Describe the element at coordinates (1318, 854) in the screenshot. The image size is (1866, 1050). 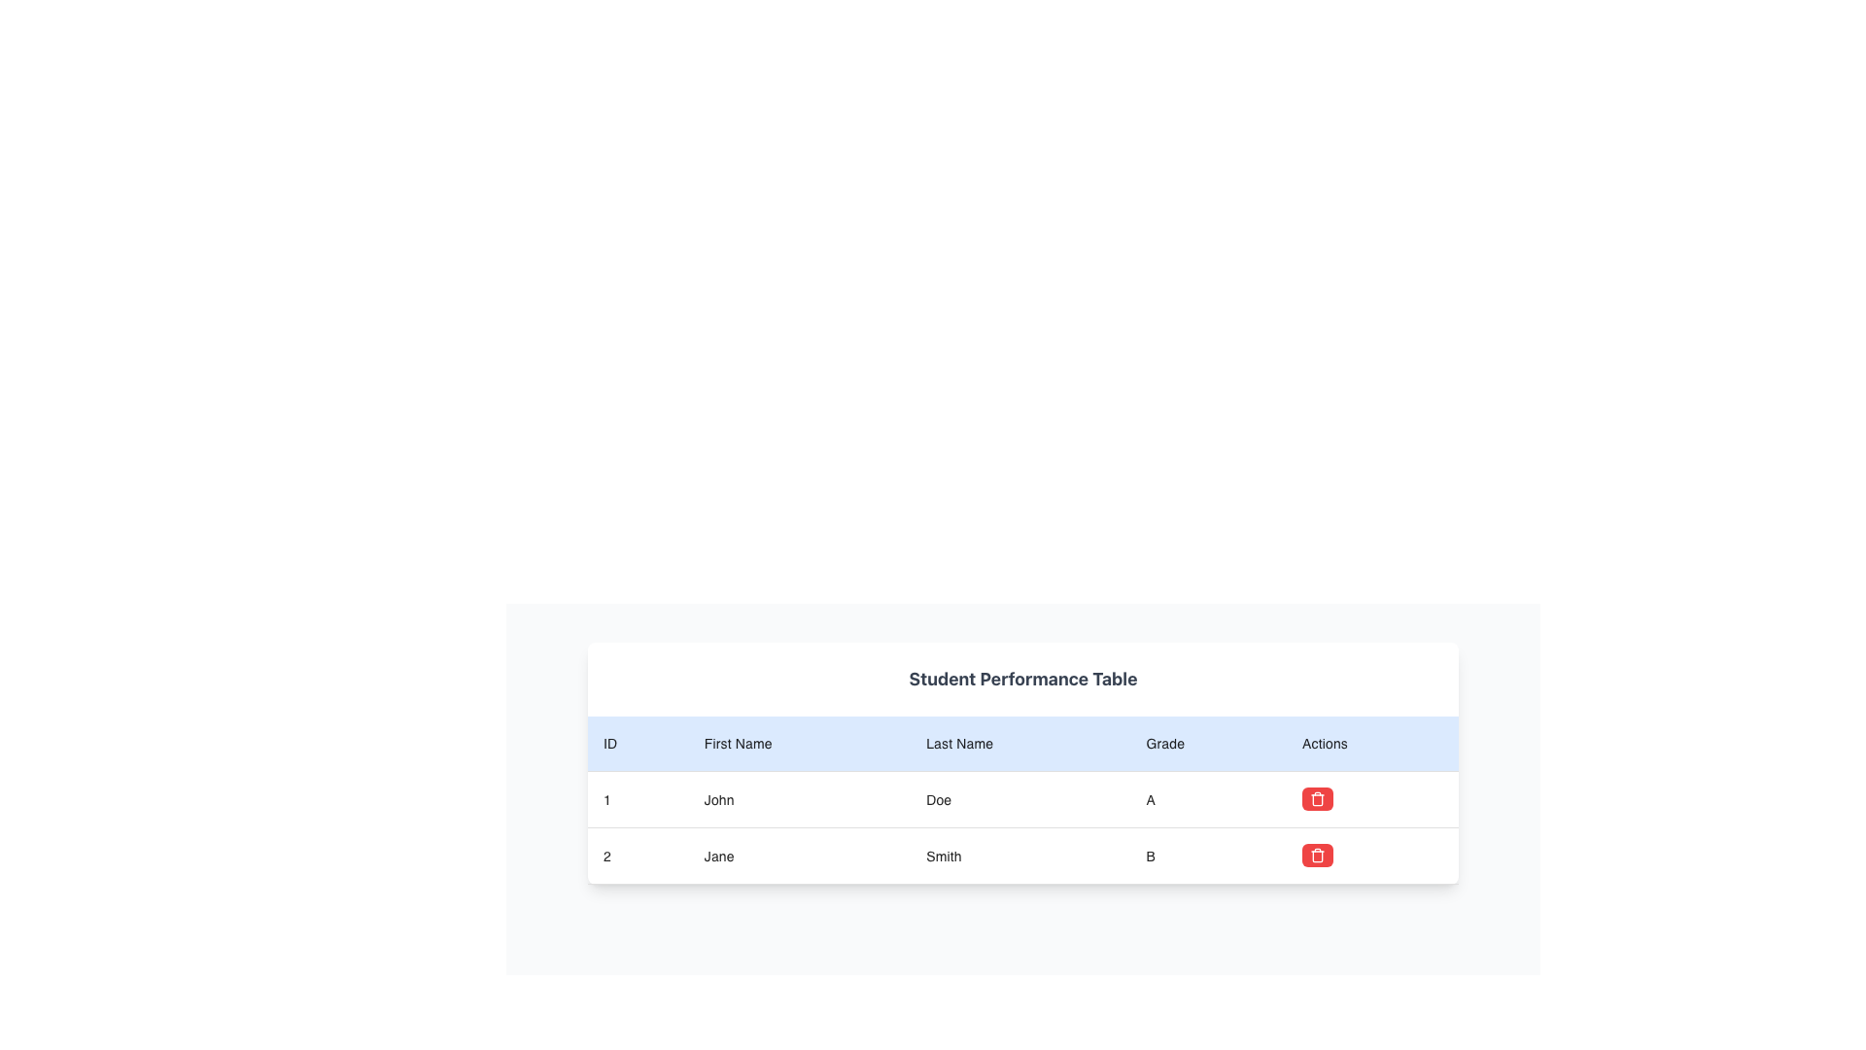
I see `the red button with a white trash can icon located in the 'Actions' column of the second row of the student information table, corresponding to Jane Smith's row` at that location.